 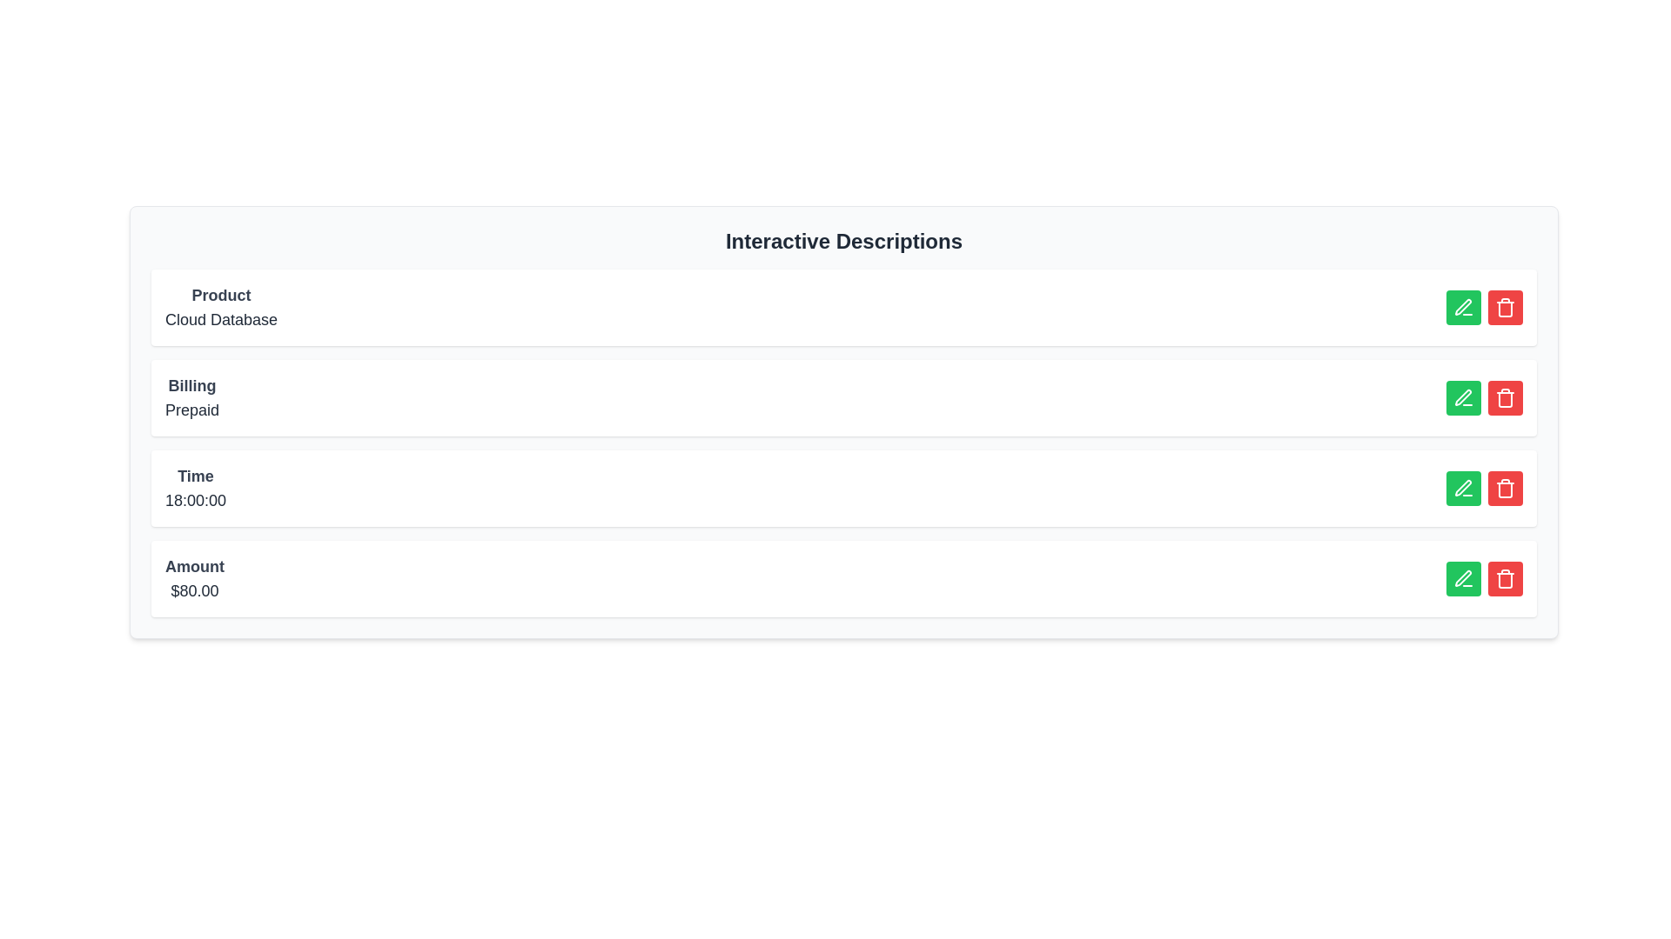 I want to click on the edit icon button located to the right of the 'Amount: $80.00' row to trigger the tooltip or highlight effect, so click(x=1462, y=579).